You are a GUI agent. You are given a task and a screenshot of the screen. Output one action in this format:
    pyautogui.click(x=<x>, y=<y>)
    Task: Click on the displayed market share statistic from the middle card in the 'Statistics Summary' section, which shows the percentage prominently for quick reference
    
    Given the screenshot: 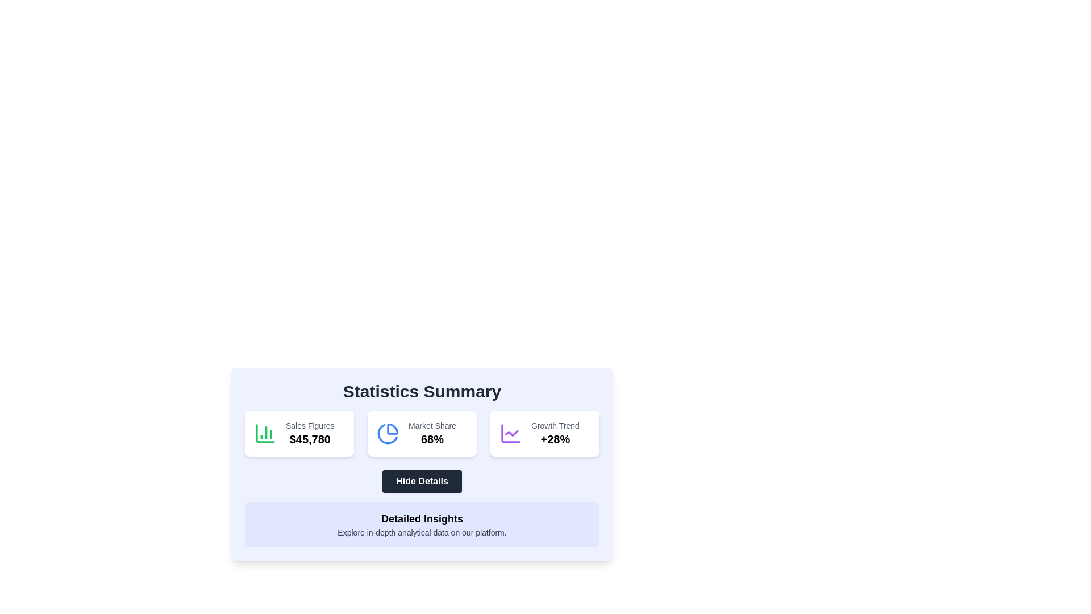 What is the action you would take?
    pyautogui.click(x=432, y=434)
    